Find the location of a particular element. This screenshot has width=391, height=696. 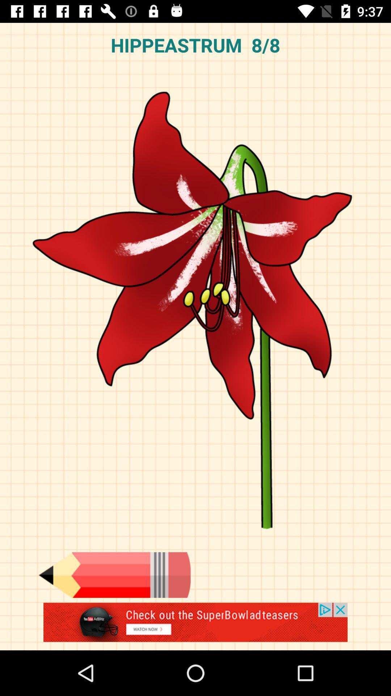

to write is located at coordinates (114, 575).